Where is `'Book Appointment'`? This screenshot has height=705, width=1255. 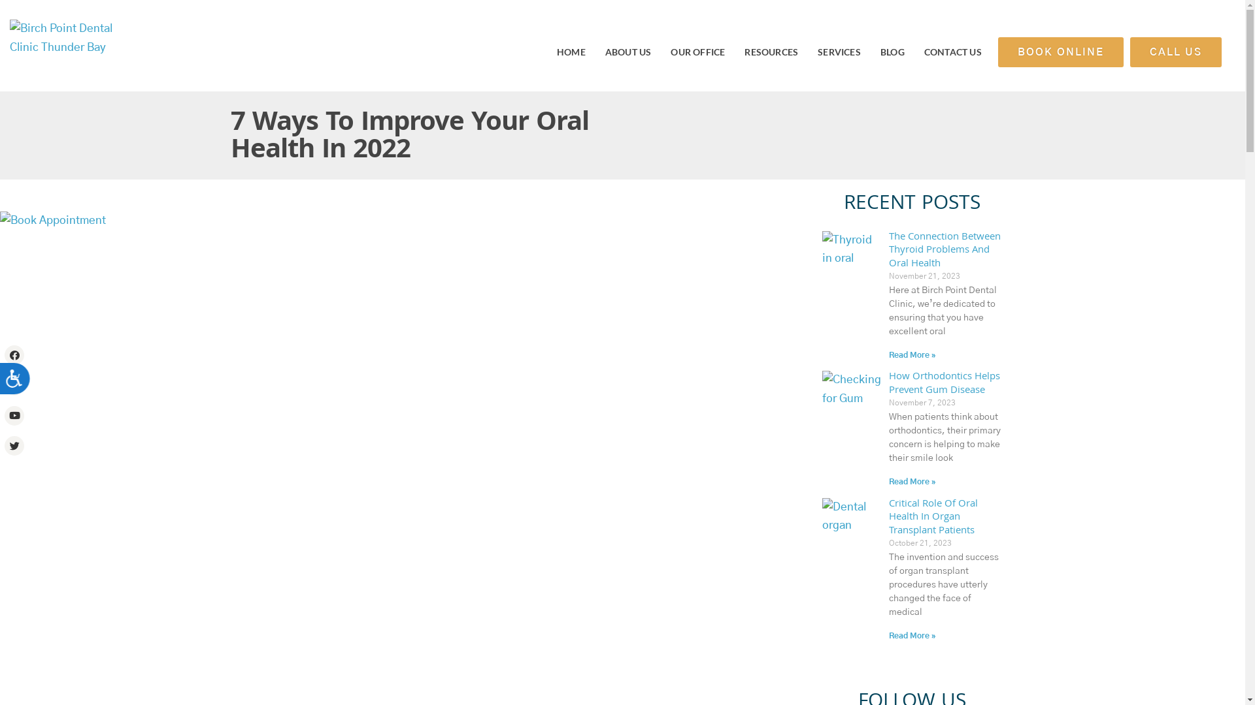
'Book Appointment' is located at coordinates (0, 220).